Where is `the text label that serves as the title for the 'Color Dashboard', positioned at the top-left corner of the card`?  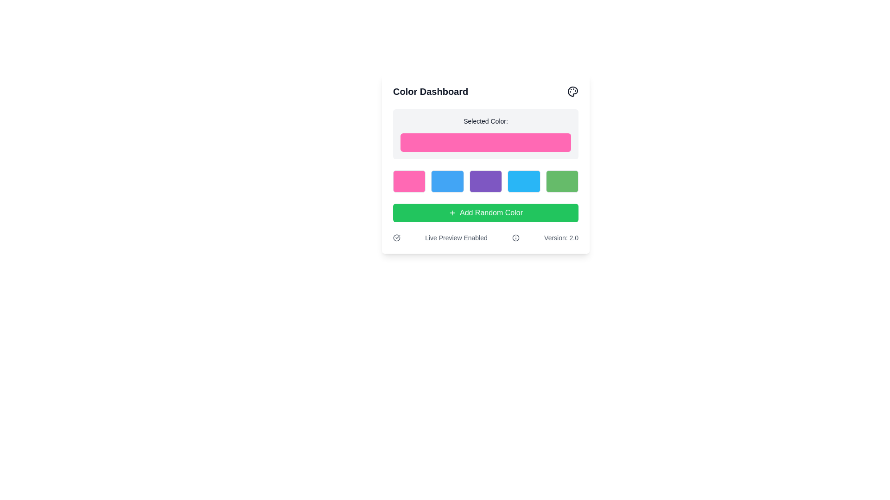 the text label that serves as the title for the 'Color Dashboard', positioned at the top-left corner of the card is located at coordinates (430, 91).